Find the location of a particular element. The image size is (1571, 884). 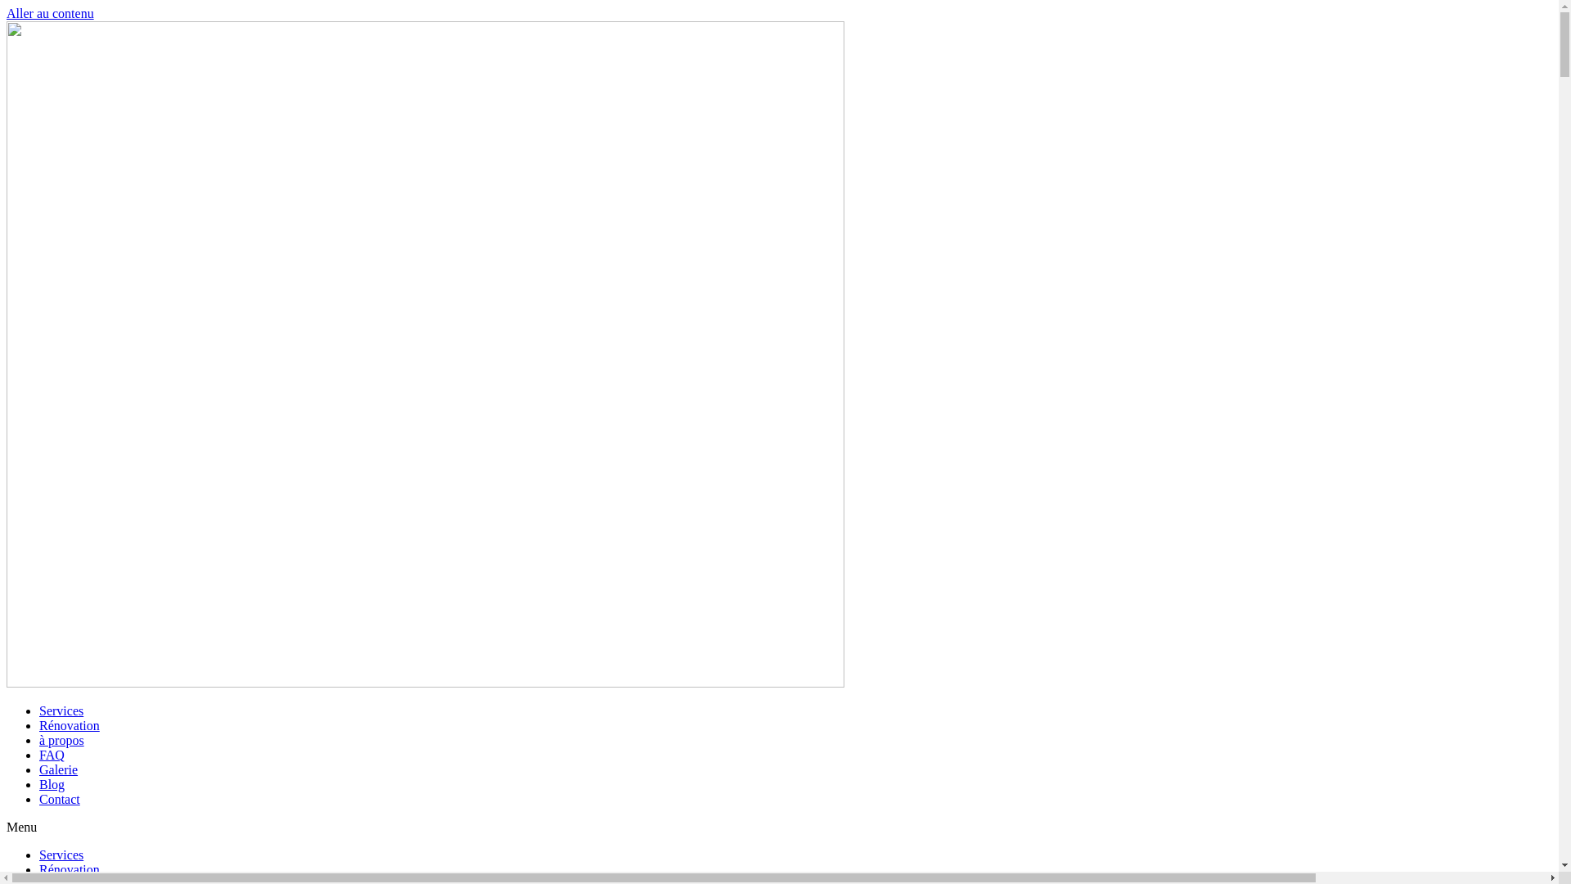

'Aller au contenu' is located at coordinates (50, 13).